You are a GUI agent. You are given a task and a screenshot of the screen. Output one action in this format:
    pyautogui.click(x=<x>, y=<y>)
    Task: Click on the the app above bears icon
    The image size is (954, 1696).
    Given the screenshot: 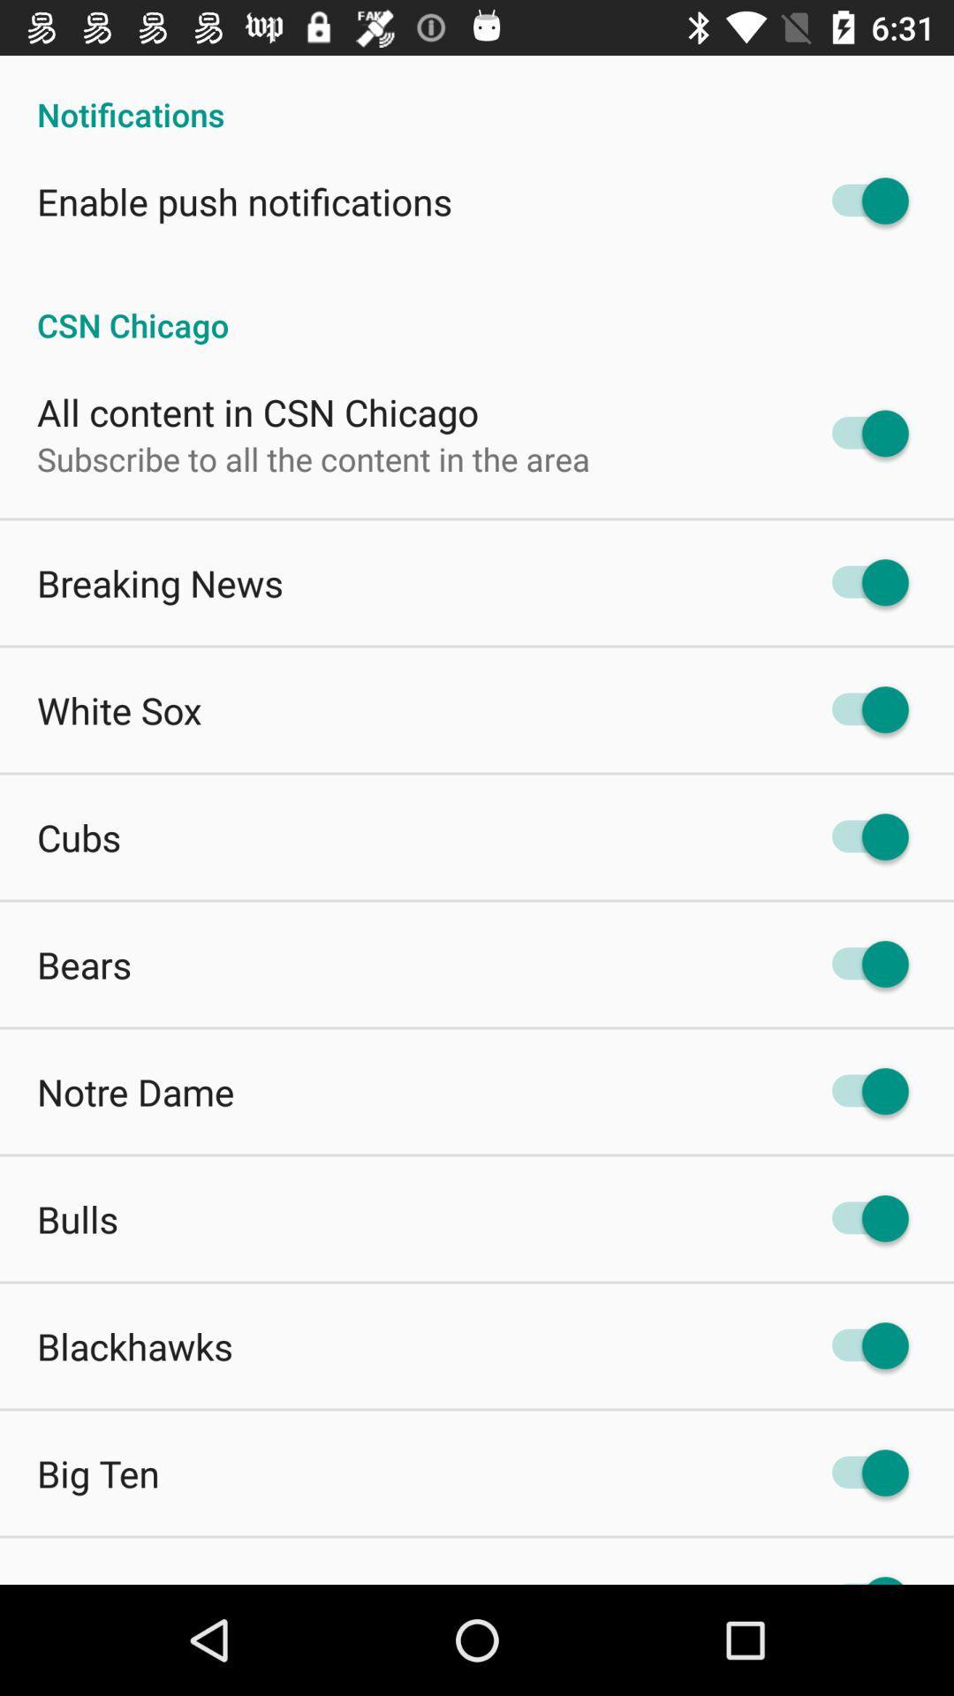 What is the action you would take?
    pyautogui.click(x=78, y=836)
    